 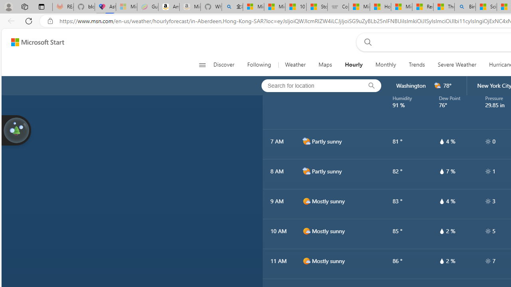 What do you see at coordinates (317, 7) in the screenshot?
I see `'Stocks - MSN'` at bounding box center [317, 7].